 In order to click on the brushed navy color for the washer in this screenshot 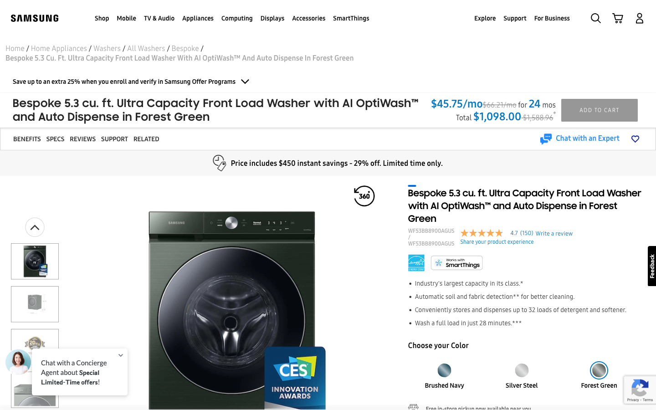, I will do `click(444, 367)`.